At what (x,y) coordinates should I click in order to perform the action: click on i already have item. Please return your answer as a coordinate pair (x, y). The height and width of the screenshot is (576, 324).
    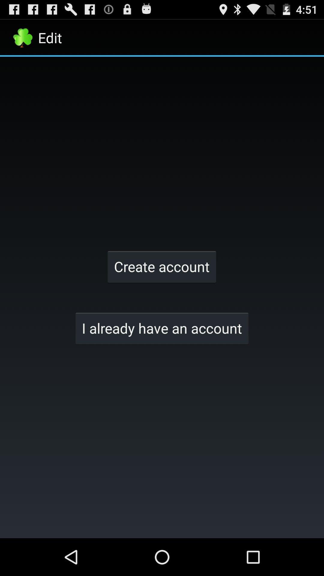
    Looking at the image, I should click on (162, 328).